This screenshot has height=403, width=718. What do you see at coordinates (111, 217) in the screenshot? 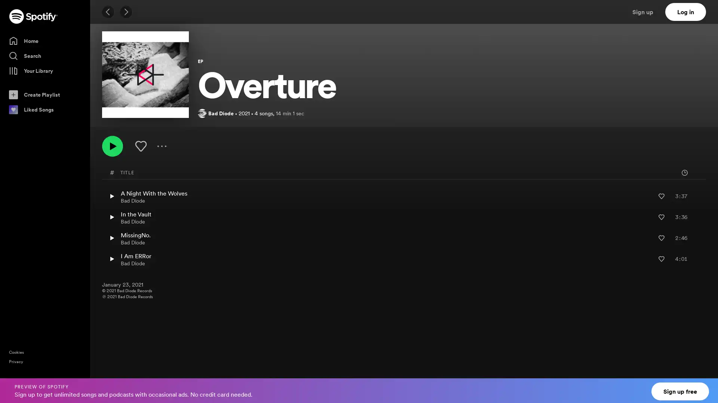
I see `Play In the Vault by Bad Diode` at bounding box center [111, 217].